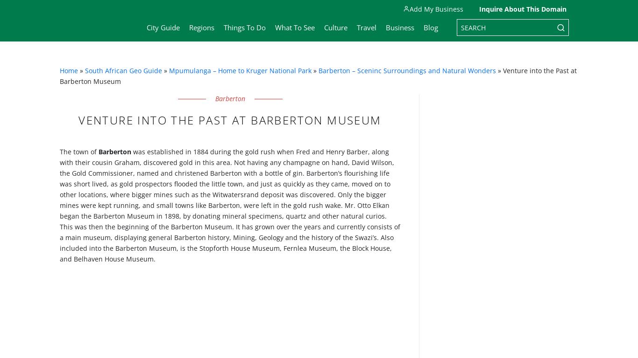  Describe the element at coordinates (189, 27) in the screenshot. I see `'Regions'` at that location.